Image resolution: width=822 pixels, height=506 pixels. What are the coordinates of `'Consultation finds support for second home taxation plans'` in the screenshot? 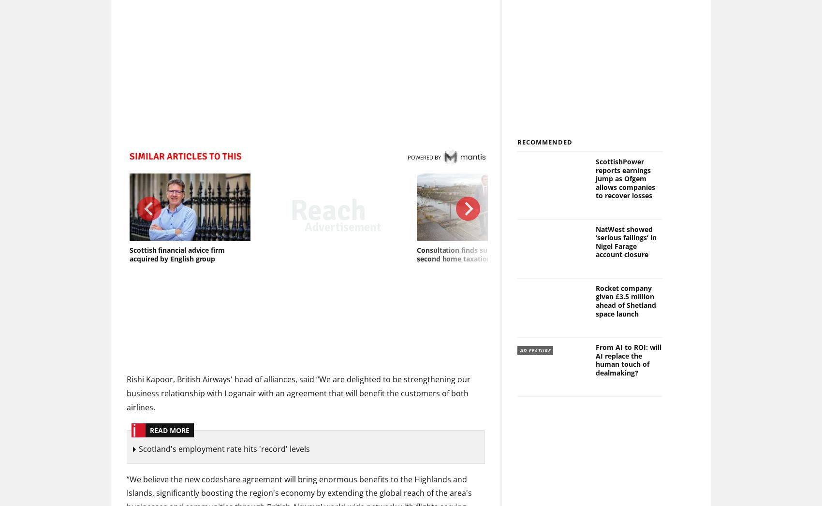 It's located at (466, 254).